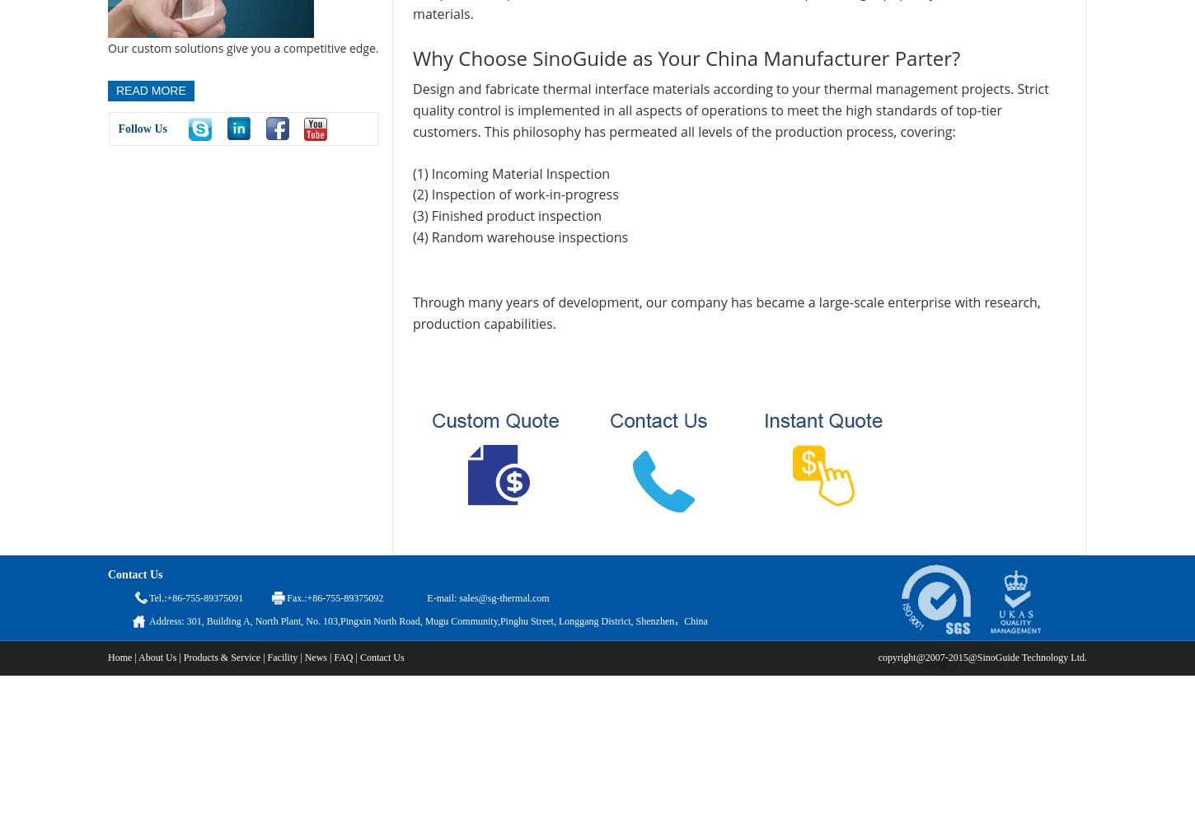  Describe the element at coordinates (156, 658) in the screenshot. I see `'About Us'` at that location.